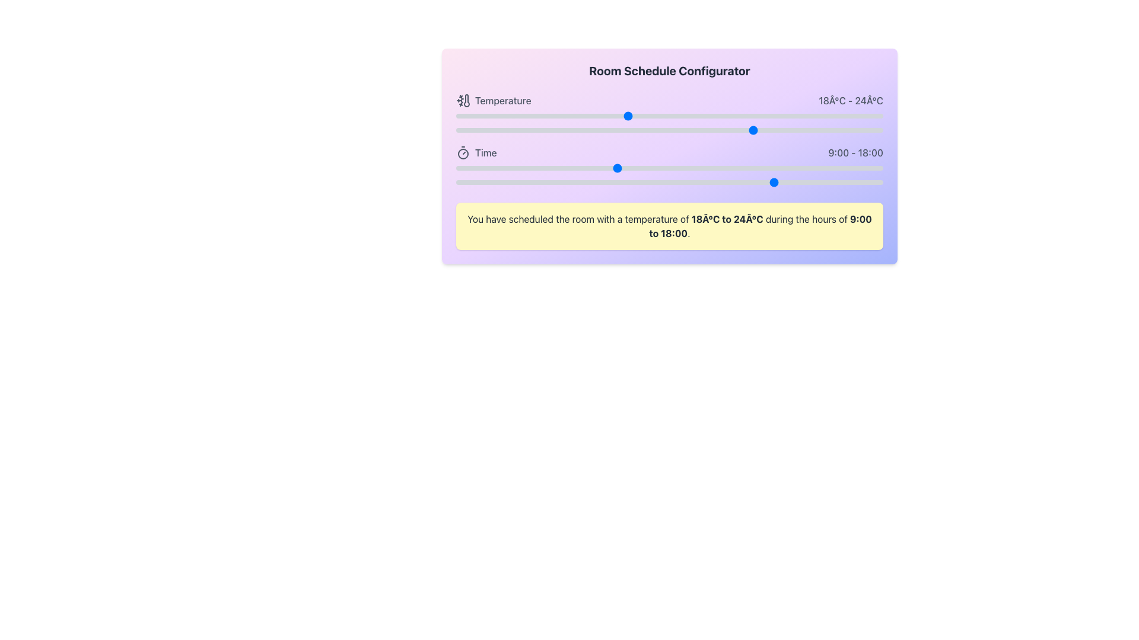  Describe the element at coordinates (829, 183) in the screenshot. I see `the time` at that location.